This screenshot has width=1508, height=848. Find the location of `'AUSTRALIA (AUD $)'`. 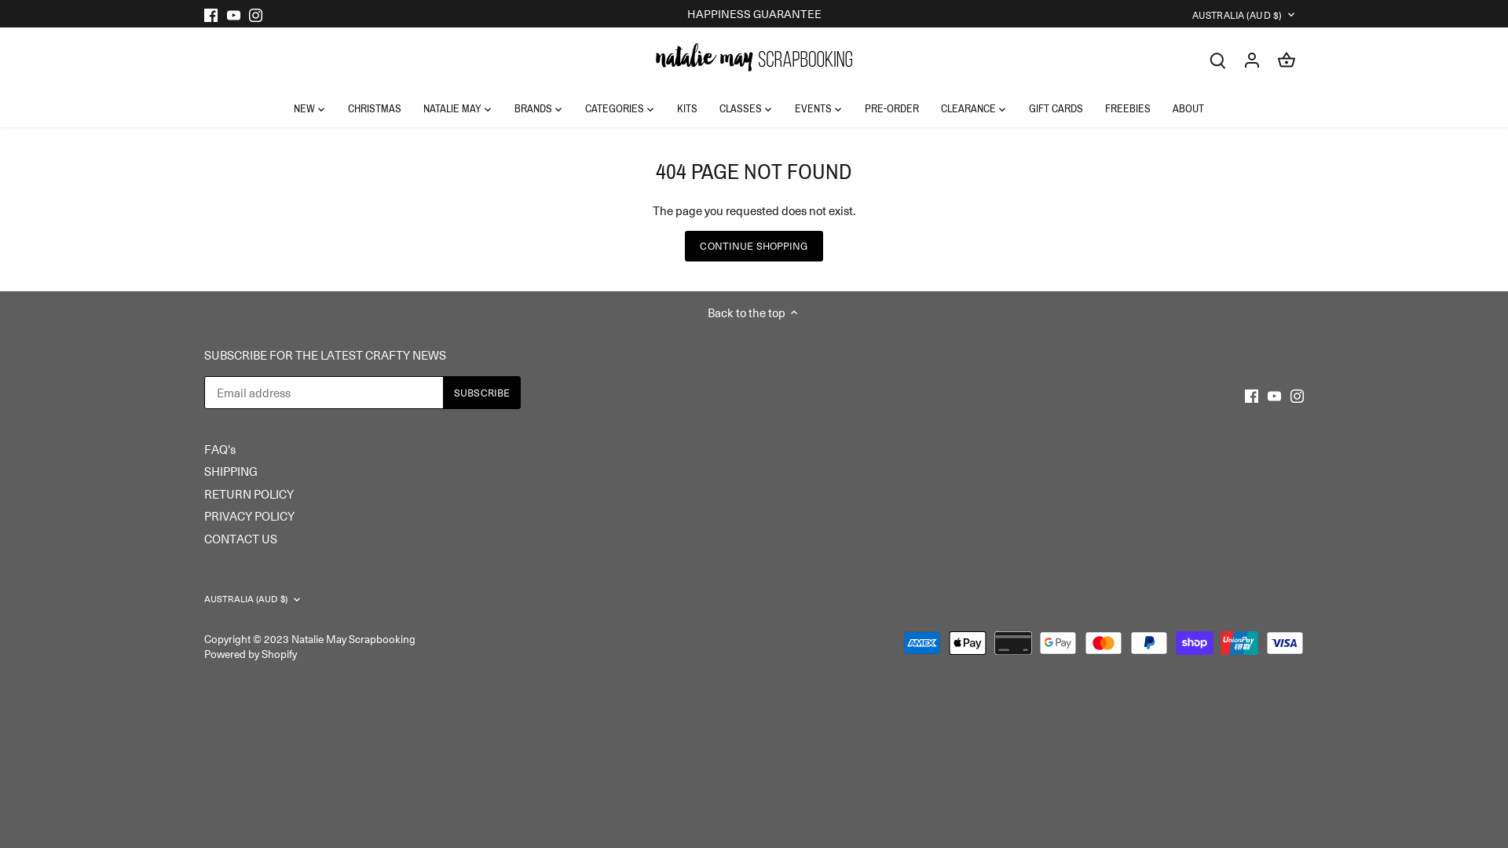

'AUSTRALIA (AUD $)' is located at coordinates (253, 599).